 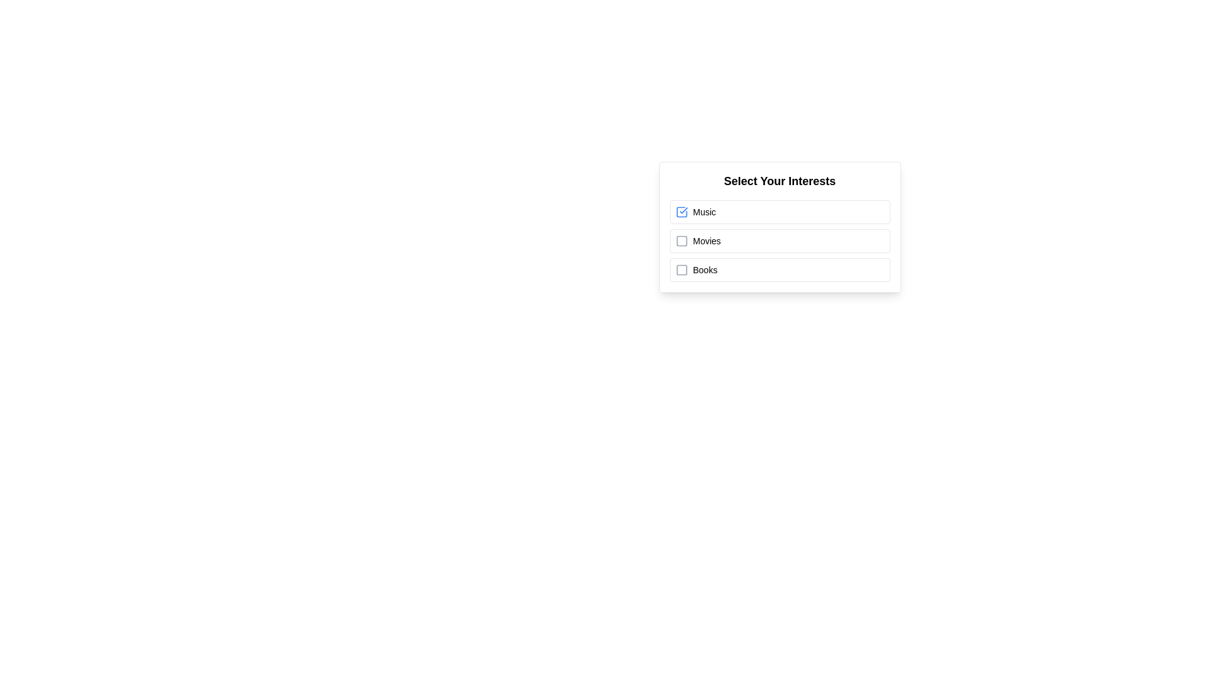 I want to click on the checkbox labeled 'Books', so click(x=779, y=269).